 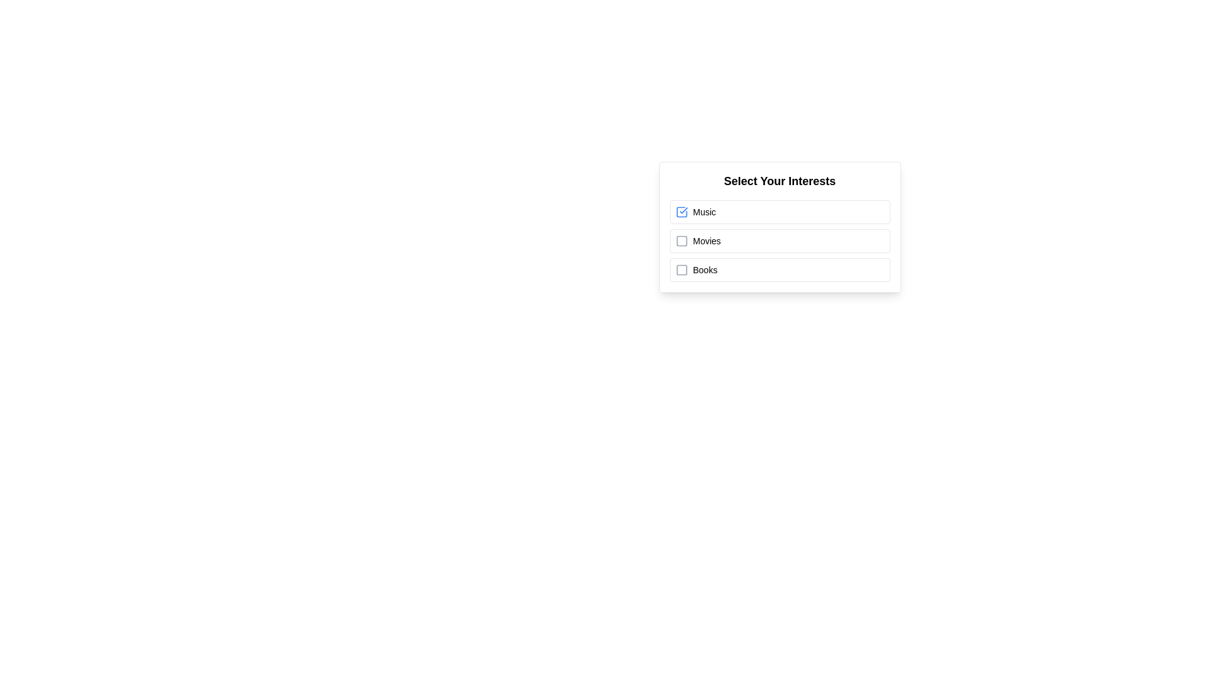 I want to click on the checkbox labeled 'Books', so click(x=779, y=269).